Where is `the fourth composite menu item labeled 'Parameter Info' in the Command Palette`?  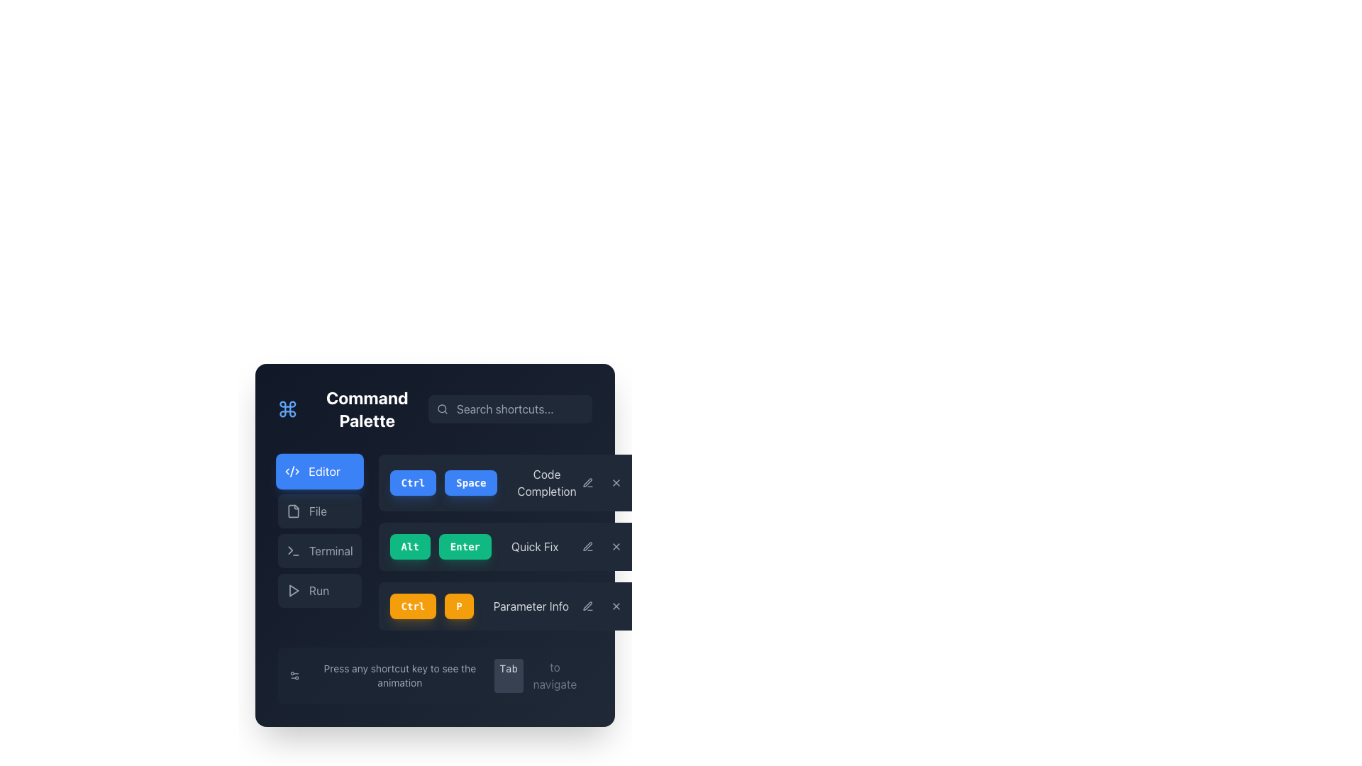 the fourth composite menu item labeled 'Parameter Info' in the Command Palette is located at coordinates (479, 606).